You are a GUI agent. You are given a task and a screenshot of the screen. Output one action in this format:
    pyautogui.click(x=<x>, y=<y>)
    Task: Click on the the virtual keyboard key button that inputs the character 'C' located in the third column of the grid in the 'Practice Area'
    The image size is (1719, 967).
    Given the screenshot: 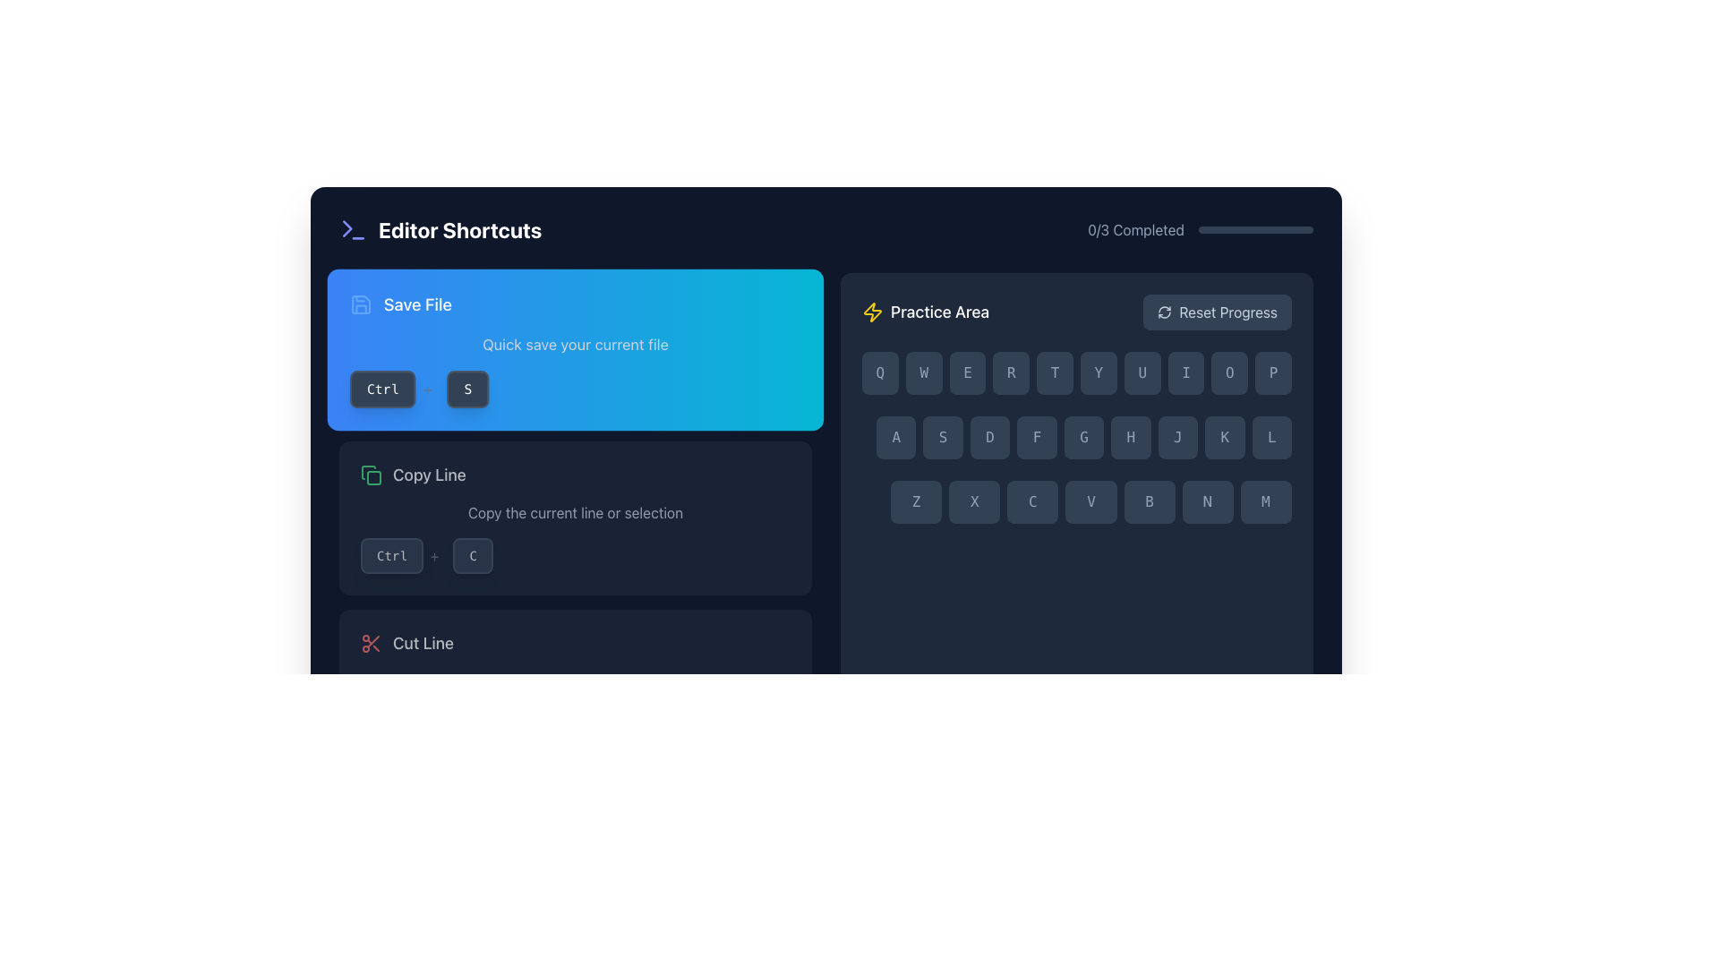 What is the action you would take?
    pyautogui.click(x=1032, y=501)
    